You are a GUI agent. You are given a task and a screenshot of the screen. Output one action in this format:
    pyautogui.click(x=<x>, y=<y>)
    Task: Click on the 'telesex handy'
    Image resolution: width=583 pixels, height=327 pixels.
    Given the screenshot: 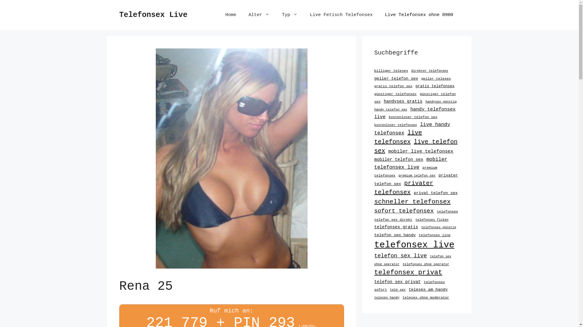 What is the action you would take?
    pyautogui.click(x=386, y=297)
    